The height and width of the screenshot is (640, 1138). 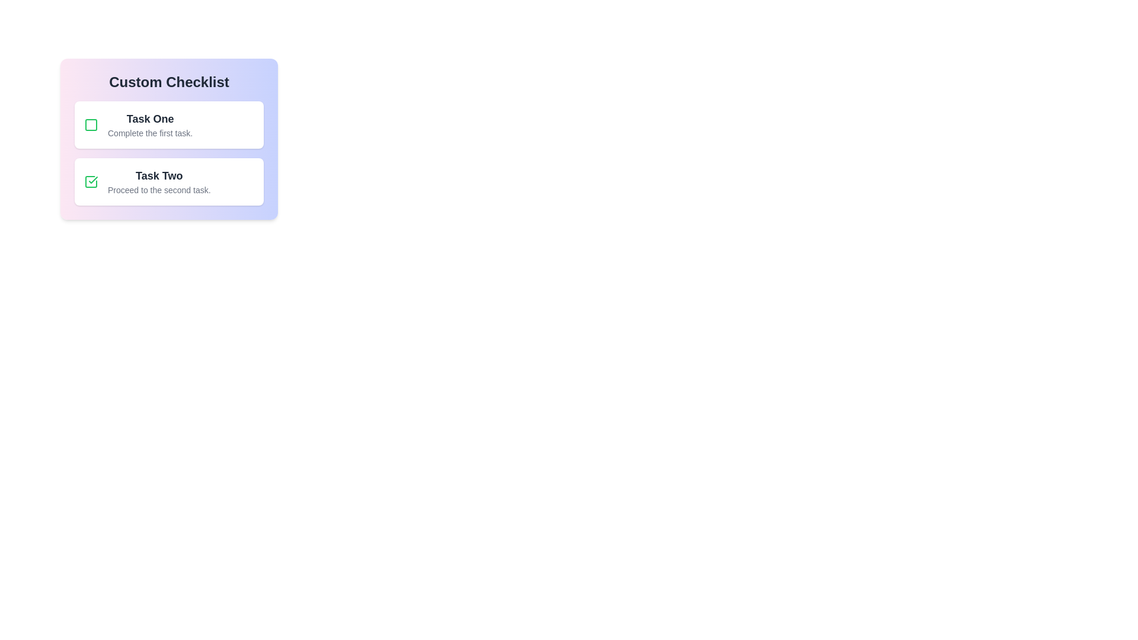 I want to click on the second checklist item, located under 'Custom Checklist' and labeled 'Task Two', so click(x=168, y=182).